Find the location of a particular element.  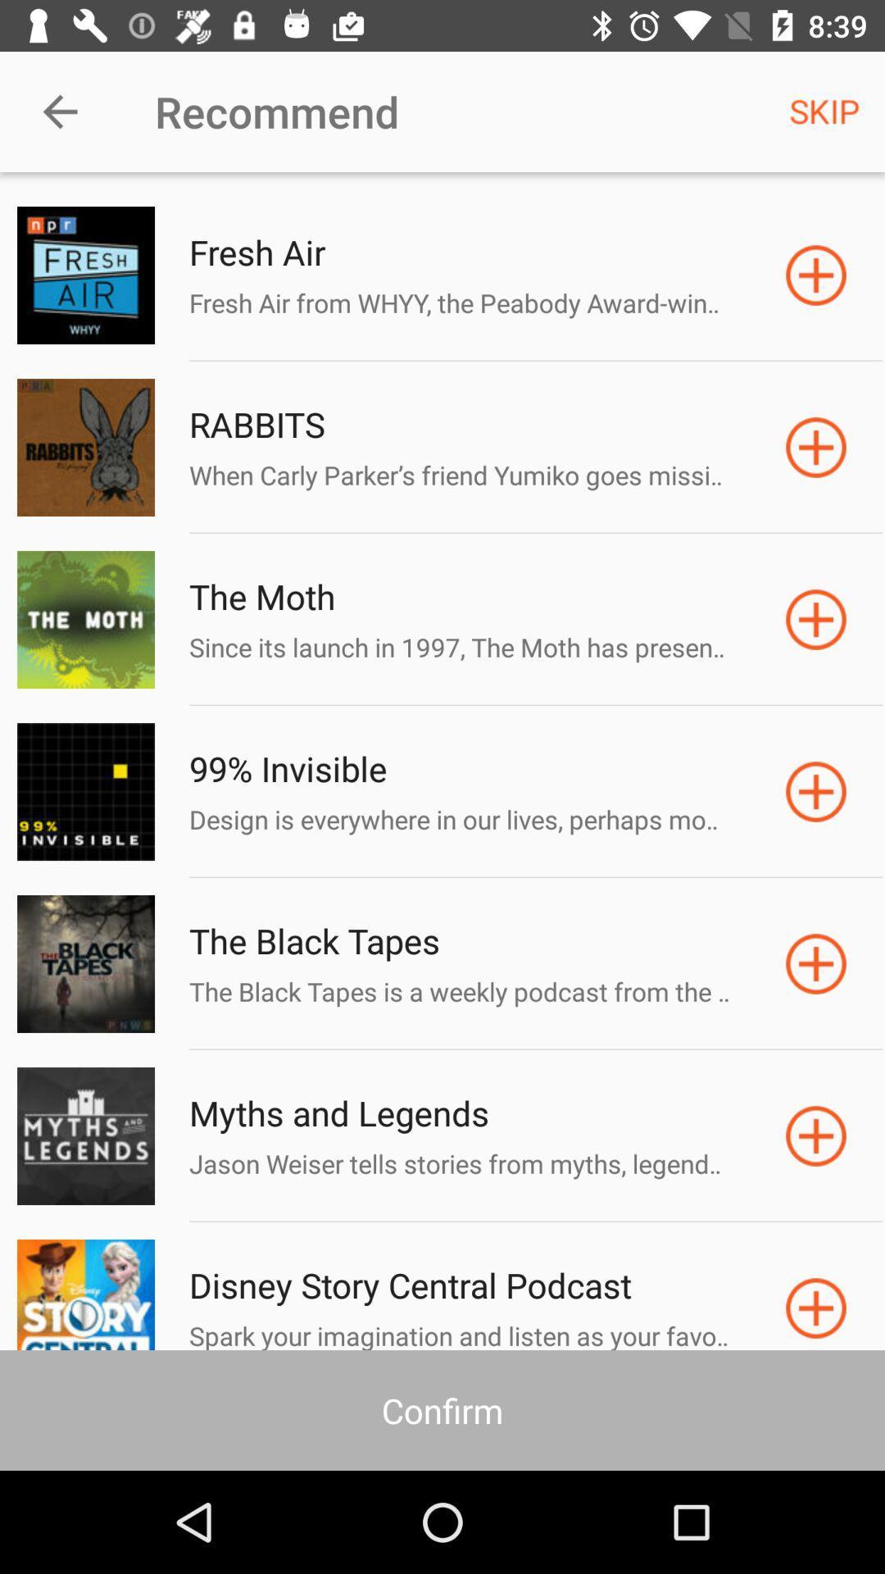

the confirm is located at coordinates (442, 1409).